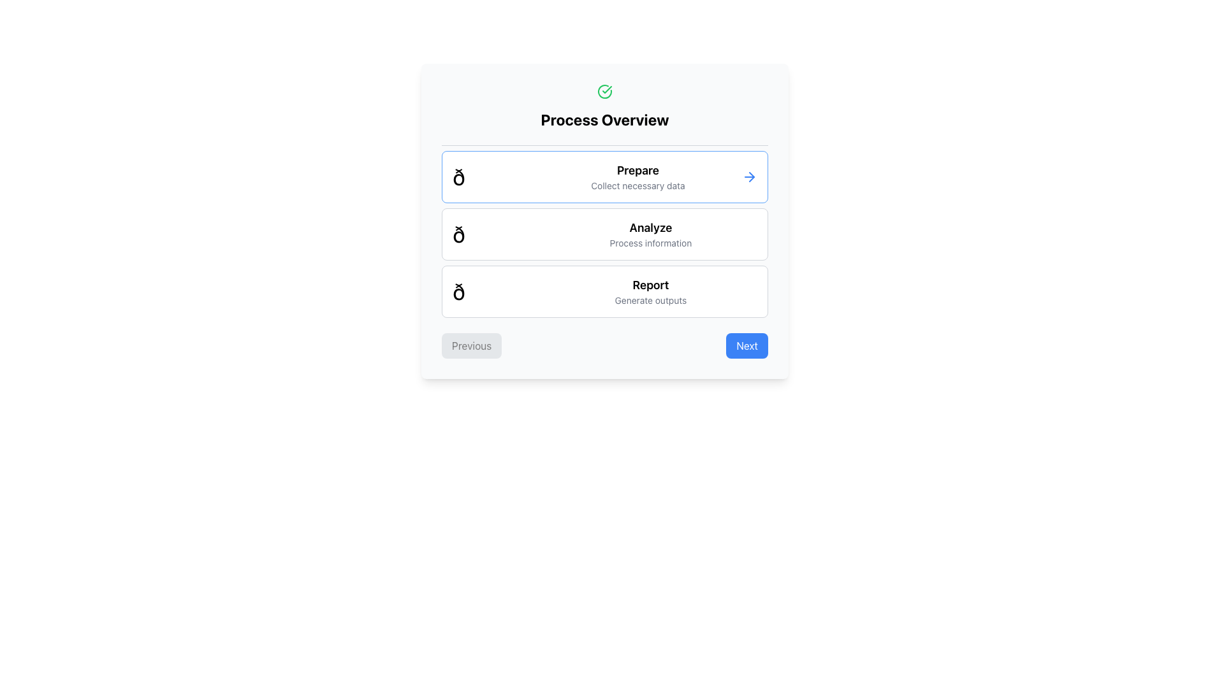 This screenshot has width=1224, height=688. Describe the element at coordinates (752, 176) in the screenshot. I see `the blue arrow-shaped vector graphic icon positioned to the right of the 'Prepare' text in the first item of the vertical list of options` at that location.